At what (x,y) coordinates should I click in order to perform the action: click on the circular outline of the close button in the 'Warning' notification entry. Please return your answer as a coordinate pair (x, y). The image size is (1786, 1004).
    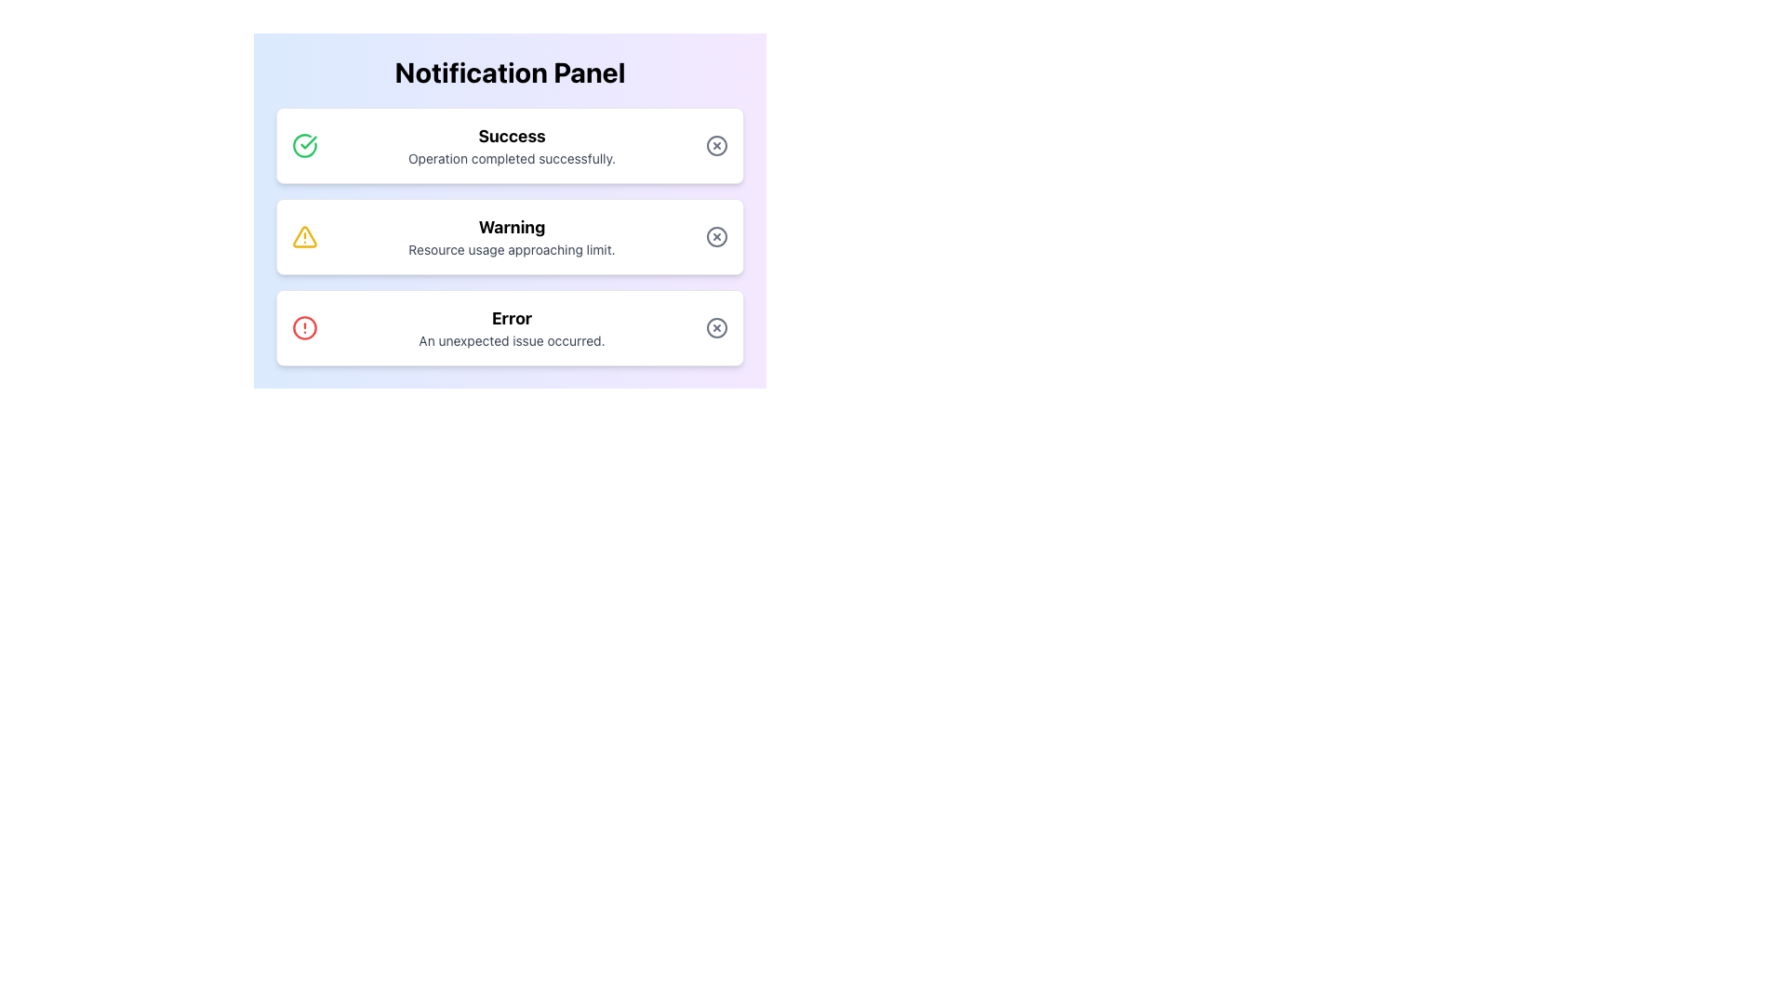
    Looking at the image, I should click on (716, 235).